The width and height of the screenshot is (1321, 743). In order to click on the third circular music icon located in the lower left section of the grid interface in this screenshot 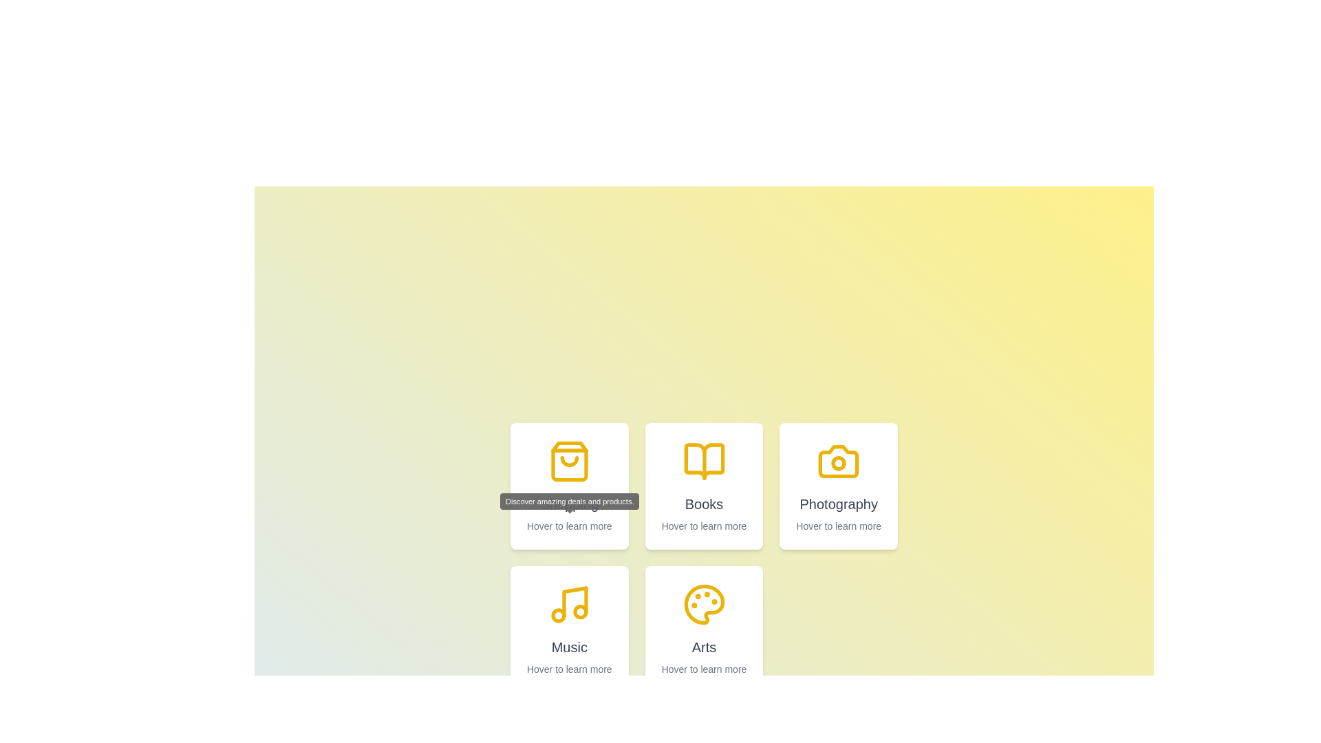, I will do `click(580, 611)`.